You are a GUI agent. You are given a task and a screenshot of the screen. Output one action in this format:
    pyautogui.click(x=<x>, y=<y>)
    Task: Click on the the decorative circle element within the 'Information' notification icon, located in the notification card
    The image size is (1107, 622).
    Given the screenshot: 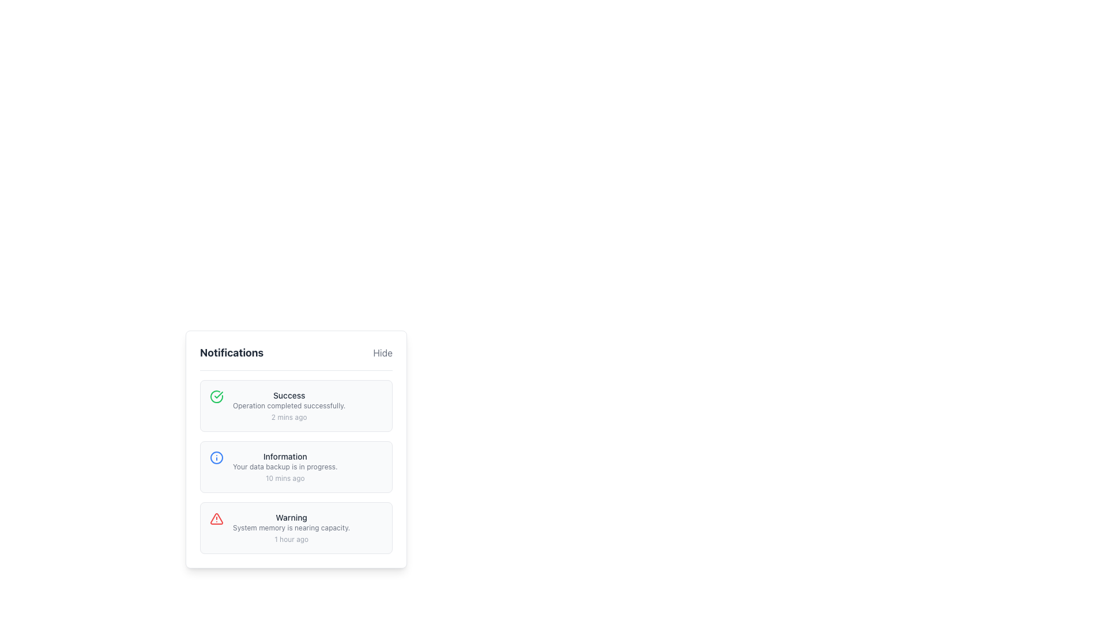 What is the action you would take?
    pyautogui.click(x=216, y=457)
    